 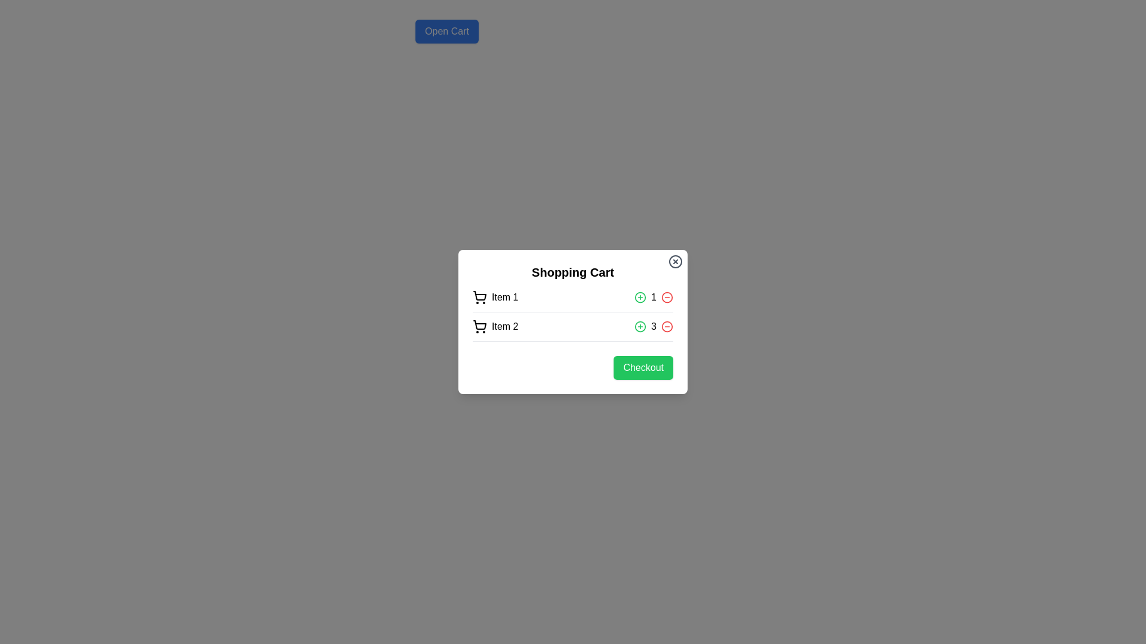 What do you see at coordinates (653, 326) in the screenshot?
I see `the static text element displaying the number '3' in the quantity control group for 'Item 2' in the shopping cart section` at bounding box center [653, 326].